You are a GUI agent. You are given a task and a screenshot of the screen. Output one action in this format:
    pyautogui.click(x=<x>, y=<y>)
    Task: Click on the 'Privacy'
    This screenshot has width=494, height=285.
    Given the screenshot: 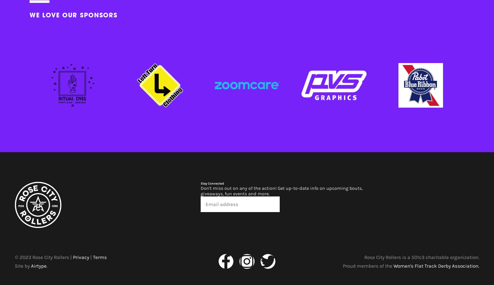 What is the action you would take?
    pyautogui.click(x=73, y=256)
    